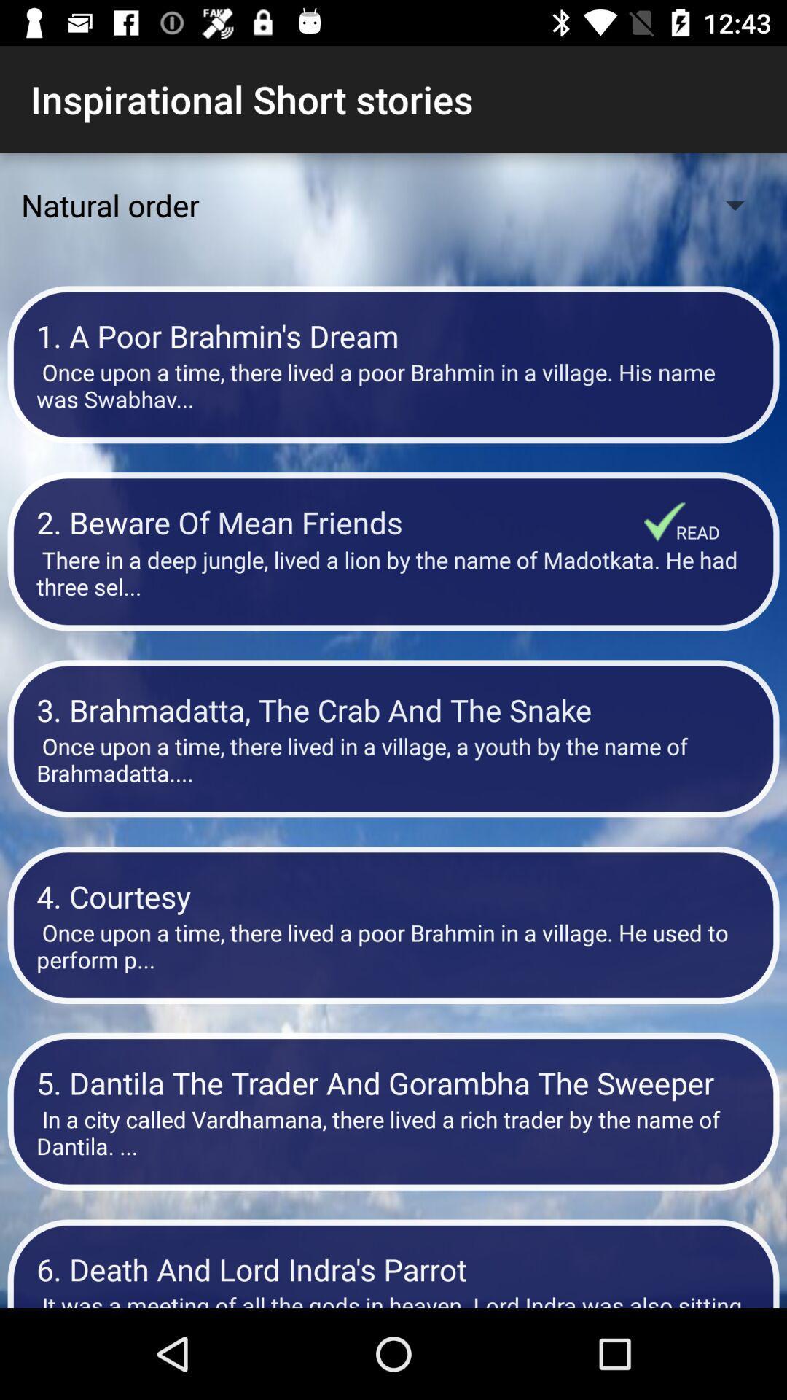 This screenshot has height=1400, width=787. I want to click on item below once upon a icon, so click(393, 895).